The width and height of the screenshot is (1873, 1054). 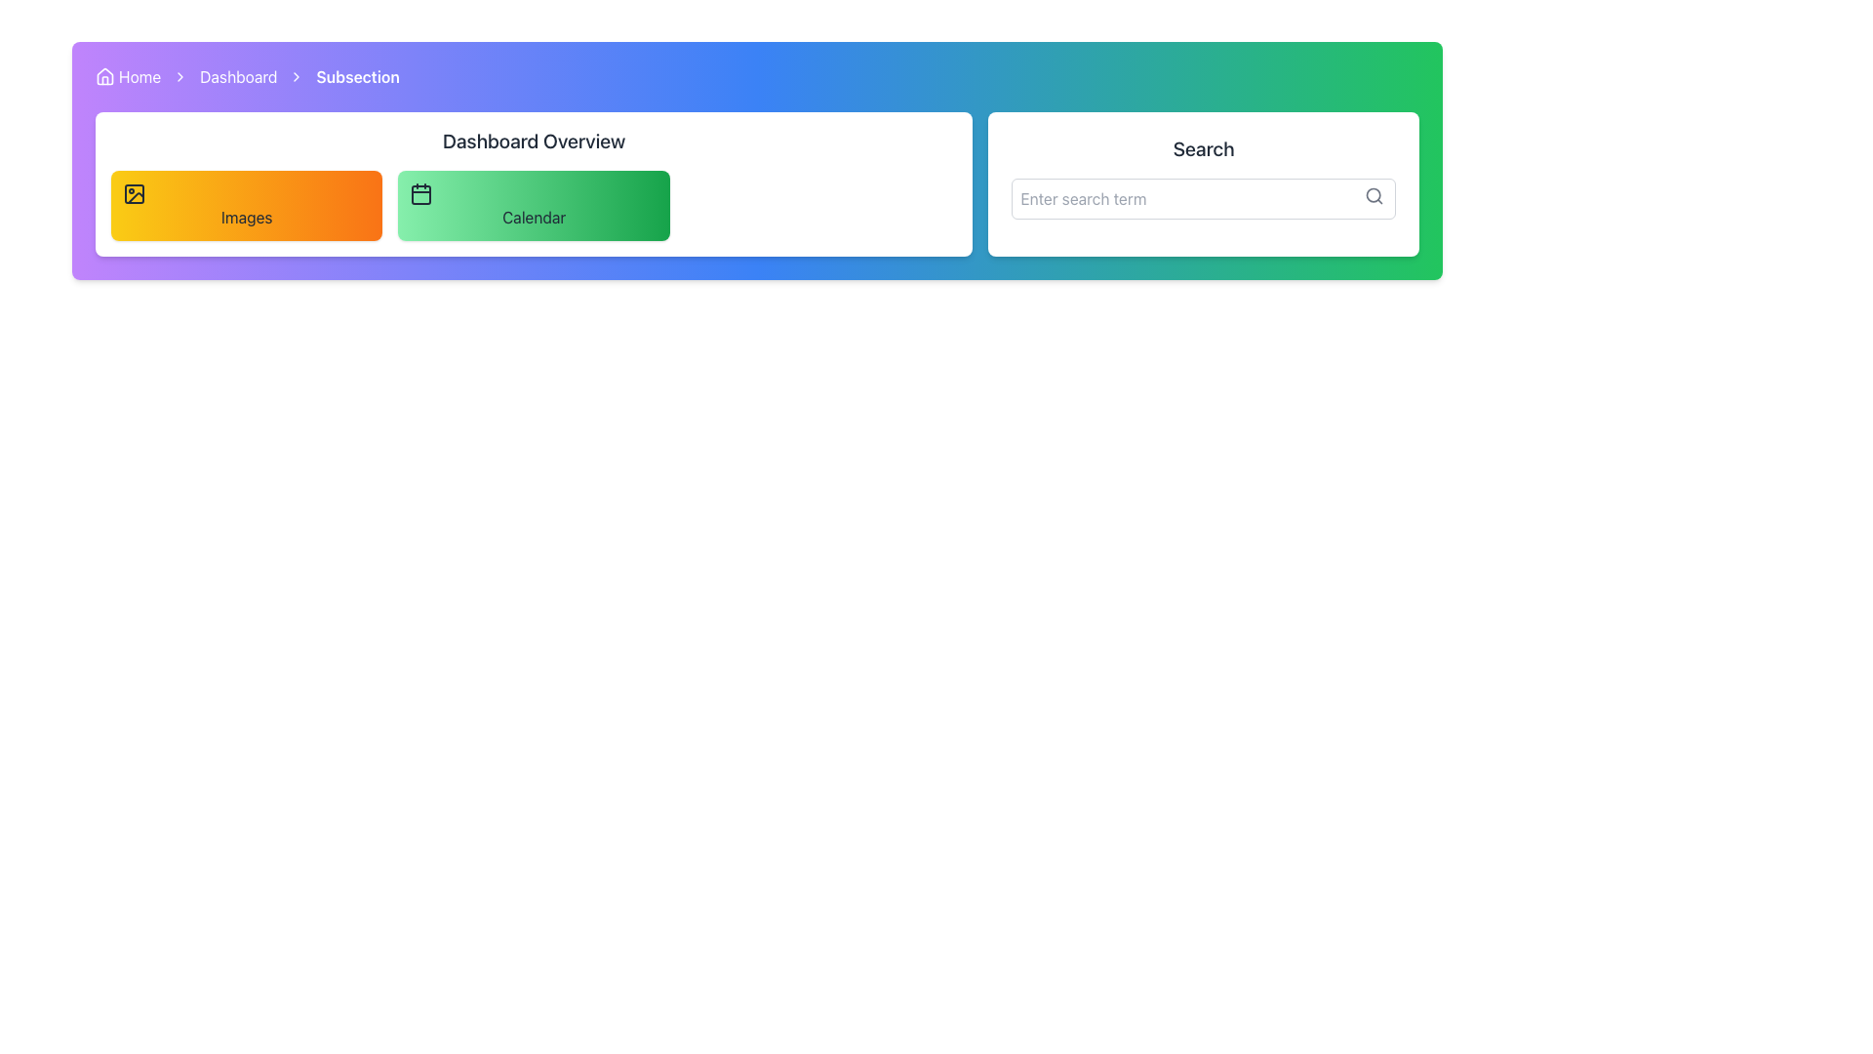 What do you see at coordinates (534, 206) in the screenshot?
I see `the green rectangular button labeled 'Calendar' below the icon` at bounding box center [534, 206].